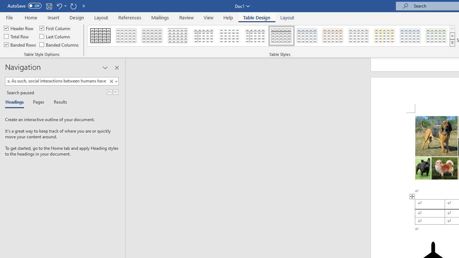  What do you see at coordinates (19, 28) in the screenshot?
I see `'Header Row'` at bounding box center [19, 28].